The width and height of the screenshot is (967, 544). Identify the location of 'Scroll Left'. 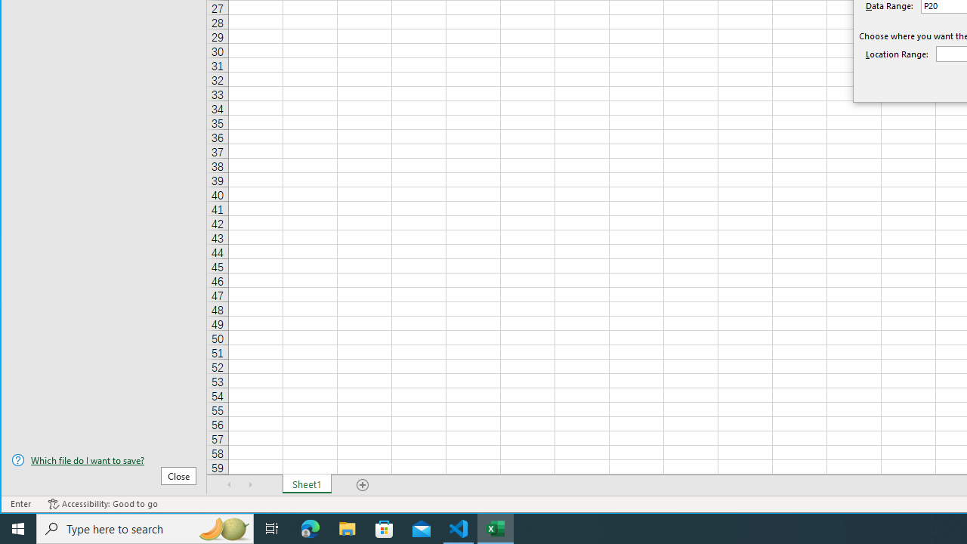
(229, 484).